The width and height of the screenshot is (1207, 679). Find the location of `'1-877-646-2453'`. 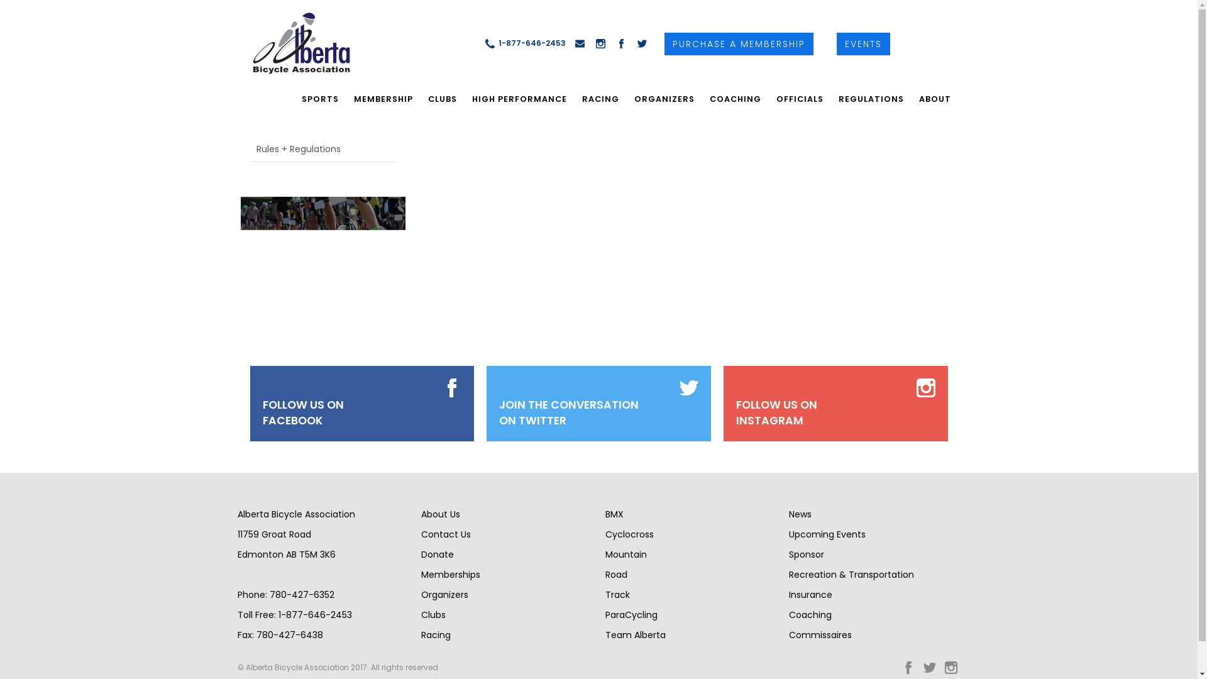

'1-877-646-2453' is located at coordinates (525, 42).